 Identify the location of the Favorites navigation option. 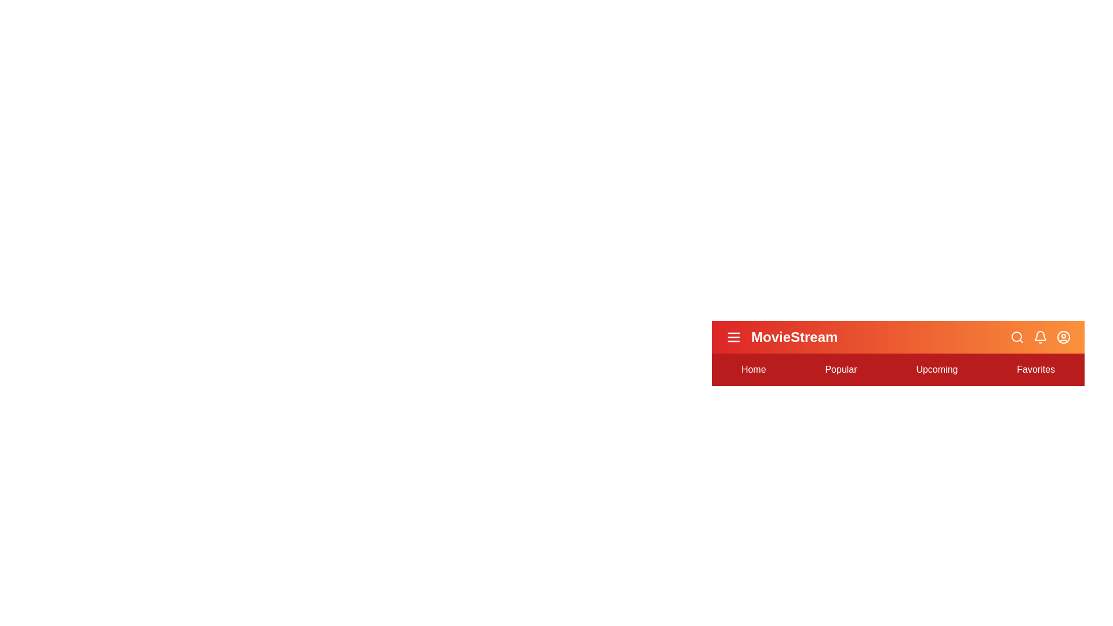
(1036, 369).